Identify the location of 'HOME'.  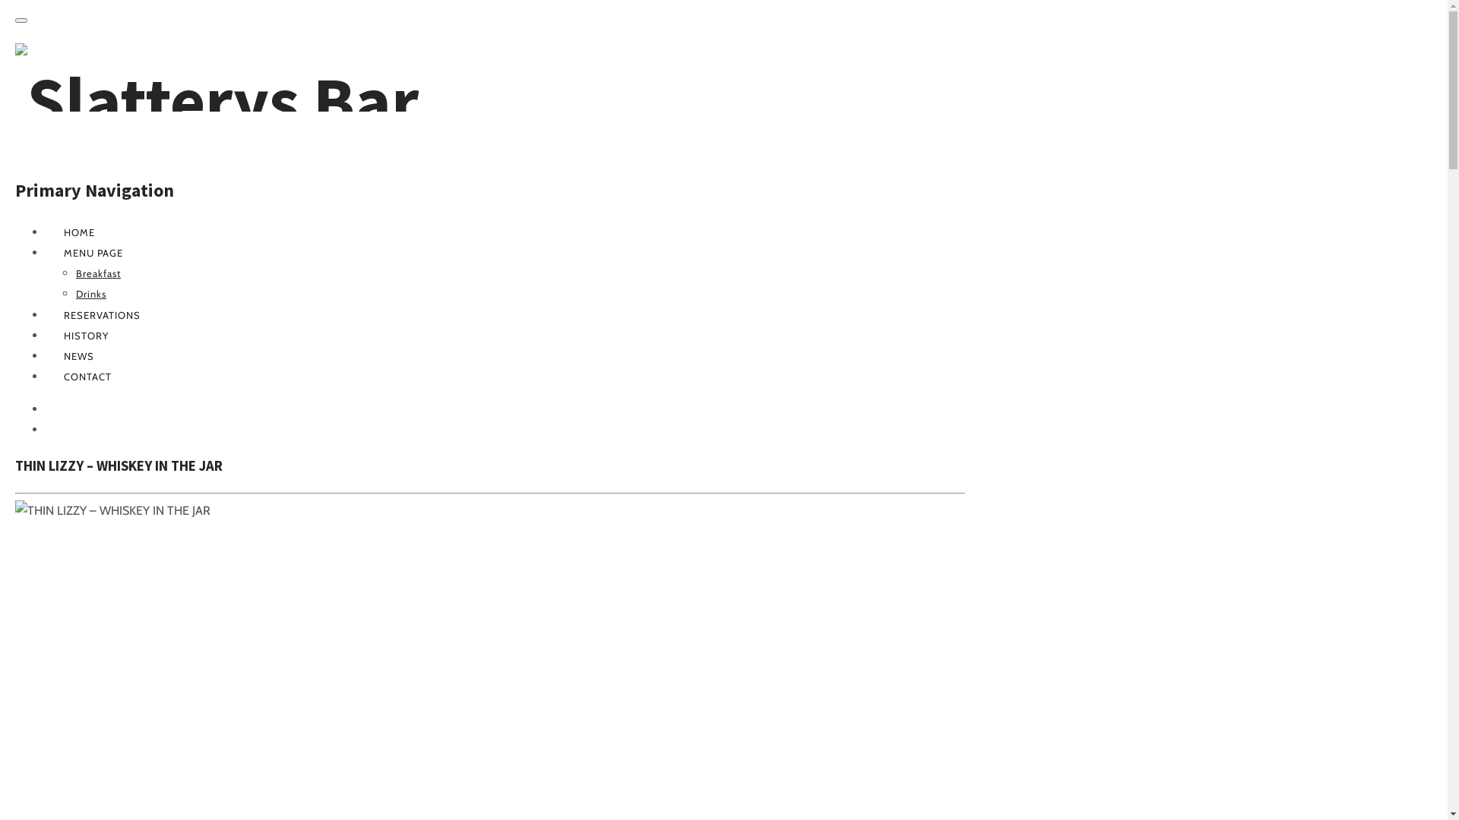
(78, 232).